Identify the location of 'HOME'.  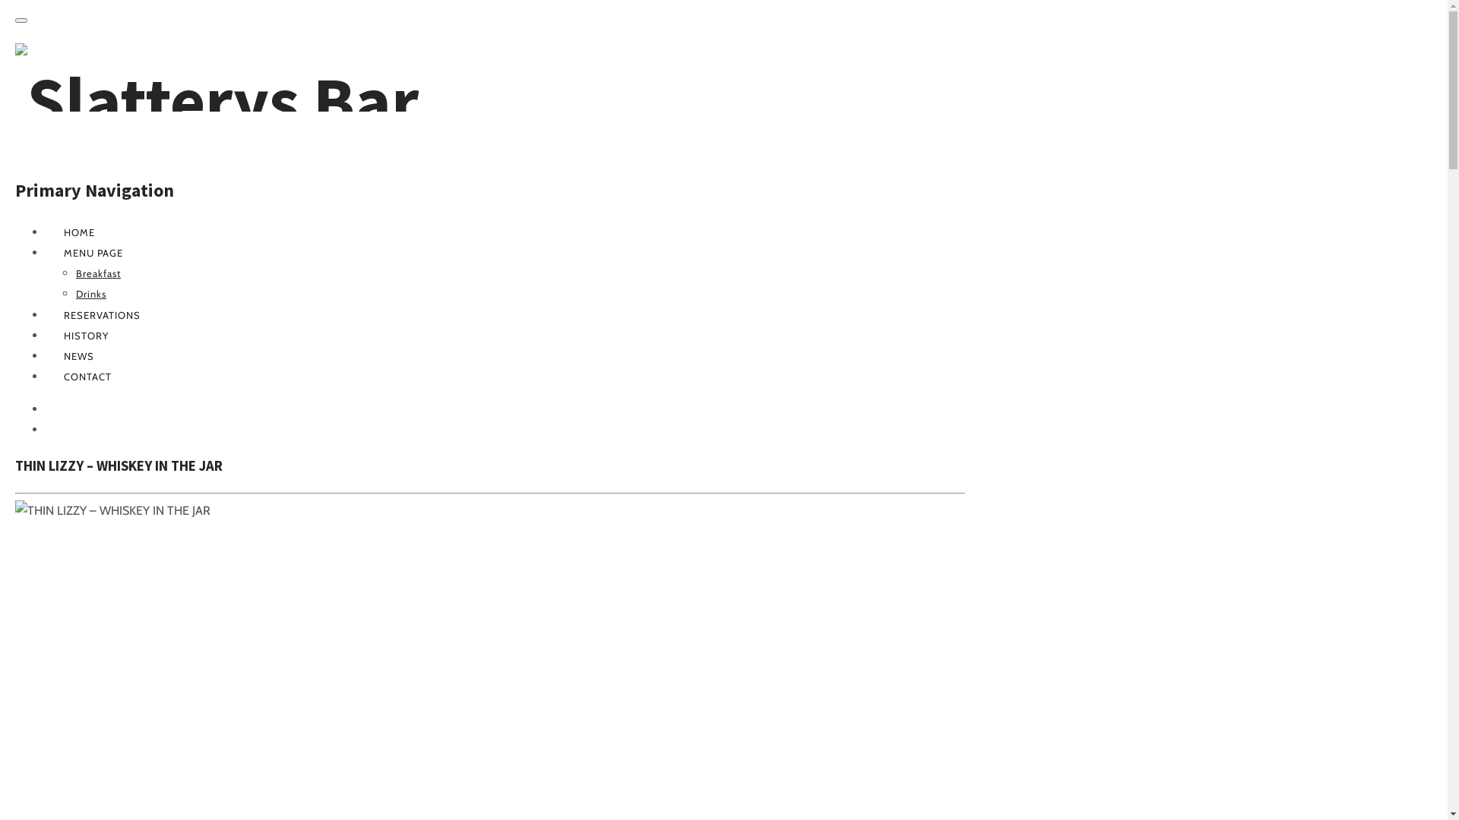
(78, 232).